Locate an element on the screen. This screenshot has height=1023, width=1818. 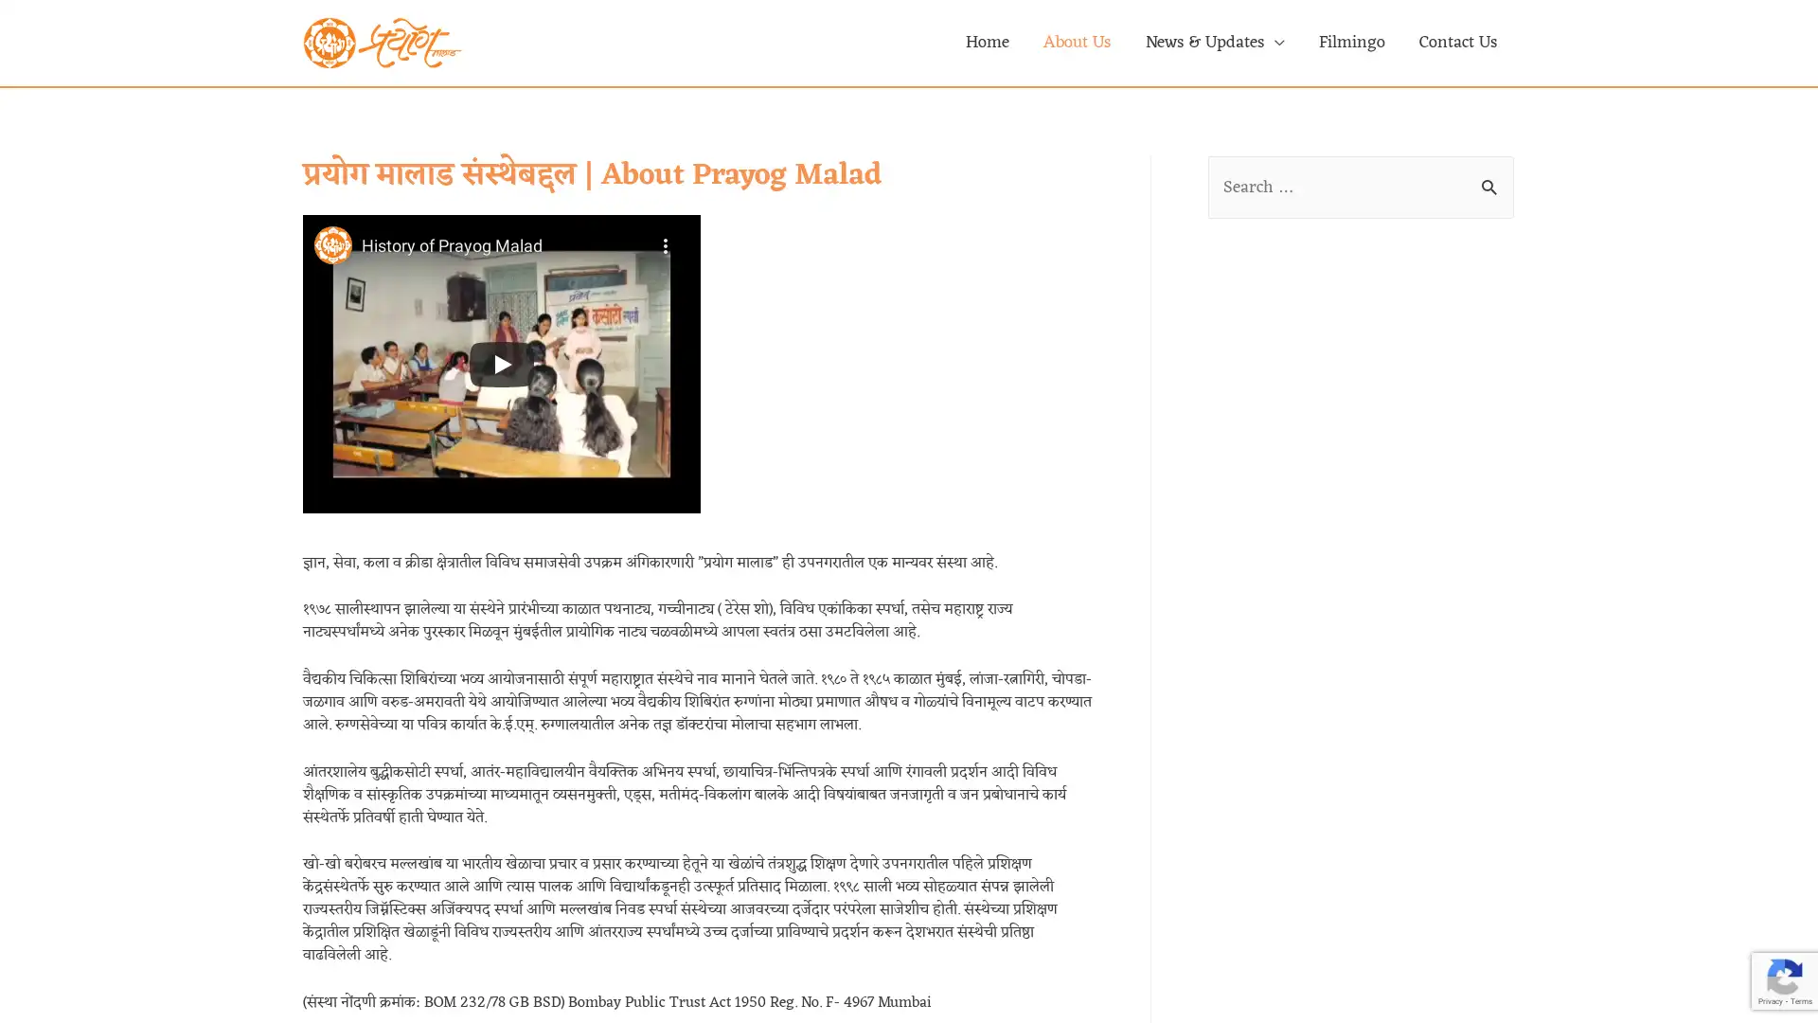
Search is located at coordinates (1491, 176).